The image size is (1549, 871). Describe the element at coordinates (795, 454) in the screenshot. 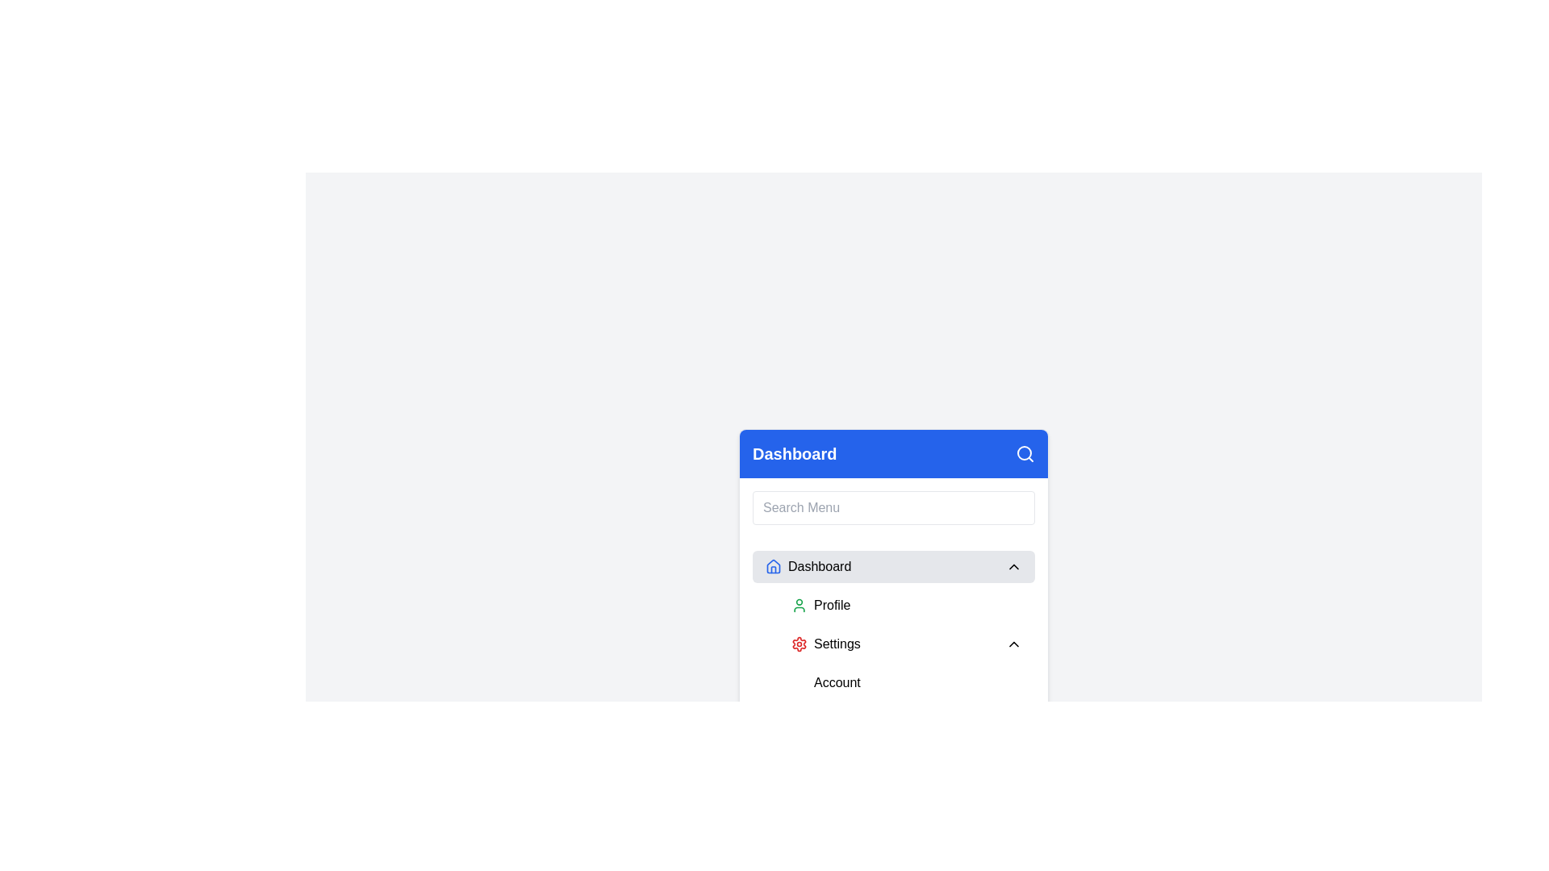

I see `the text label that represents the title or name of the current section, located in the header of the menu section with a blue background` at that location.